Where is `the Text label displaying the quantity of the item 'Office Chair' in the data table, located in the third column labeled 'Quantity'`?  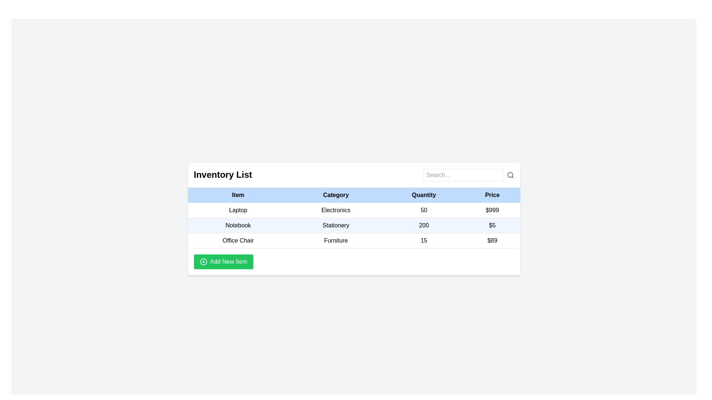 the Text label displaying the quantity of the item 'Office Chair' in the data table, located in the third column labeled 'Quantity' is located at coordinates (424, 240).